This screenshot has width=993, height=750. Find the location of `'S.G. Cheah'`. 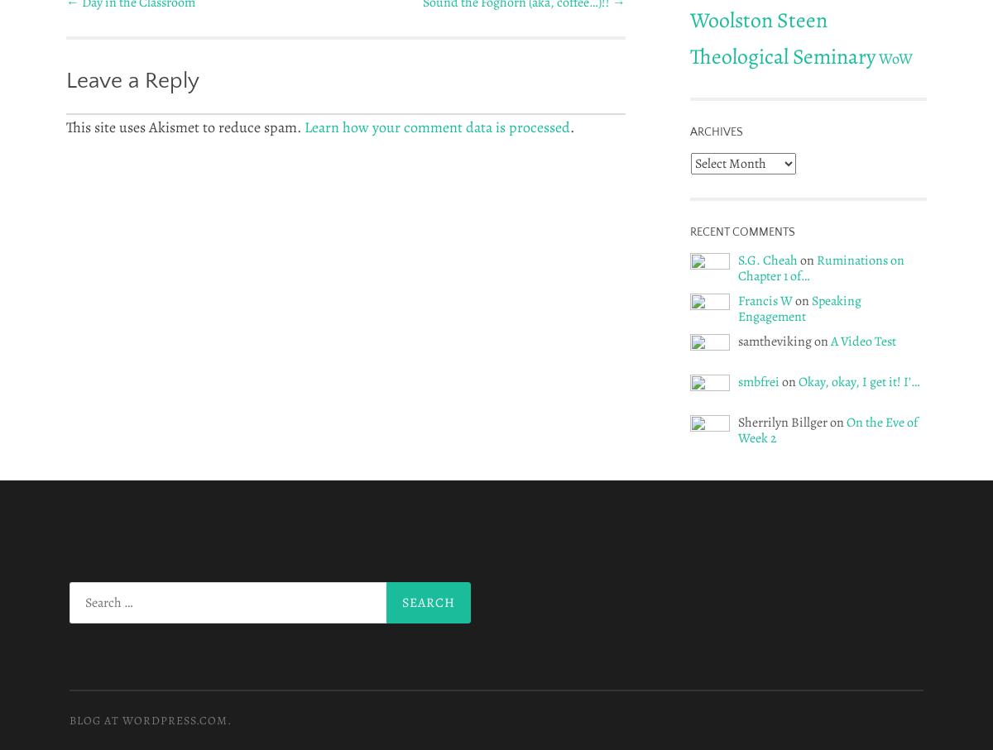

'S.G. Cheah' is located at coordinates (736, 260).